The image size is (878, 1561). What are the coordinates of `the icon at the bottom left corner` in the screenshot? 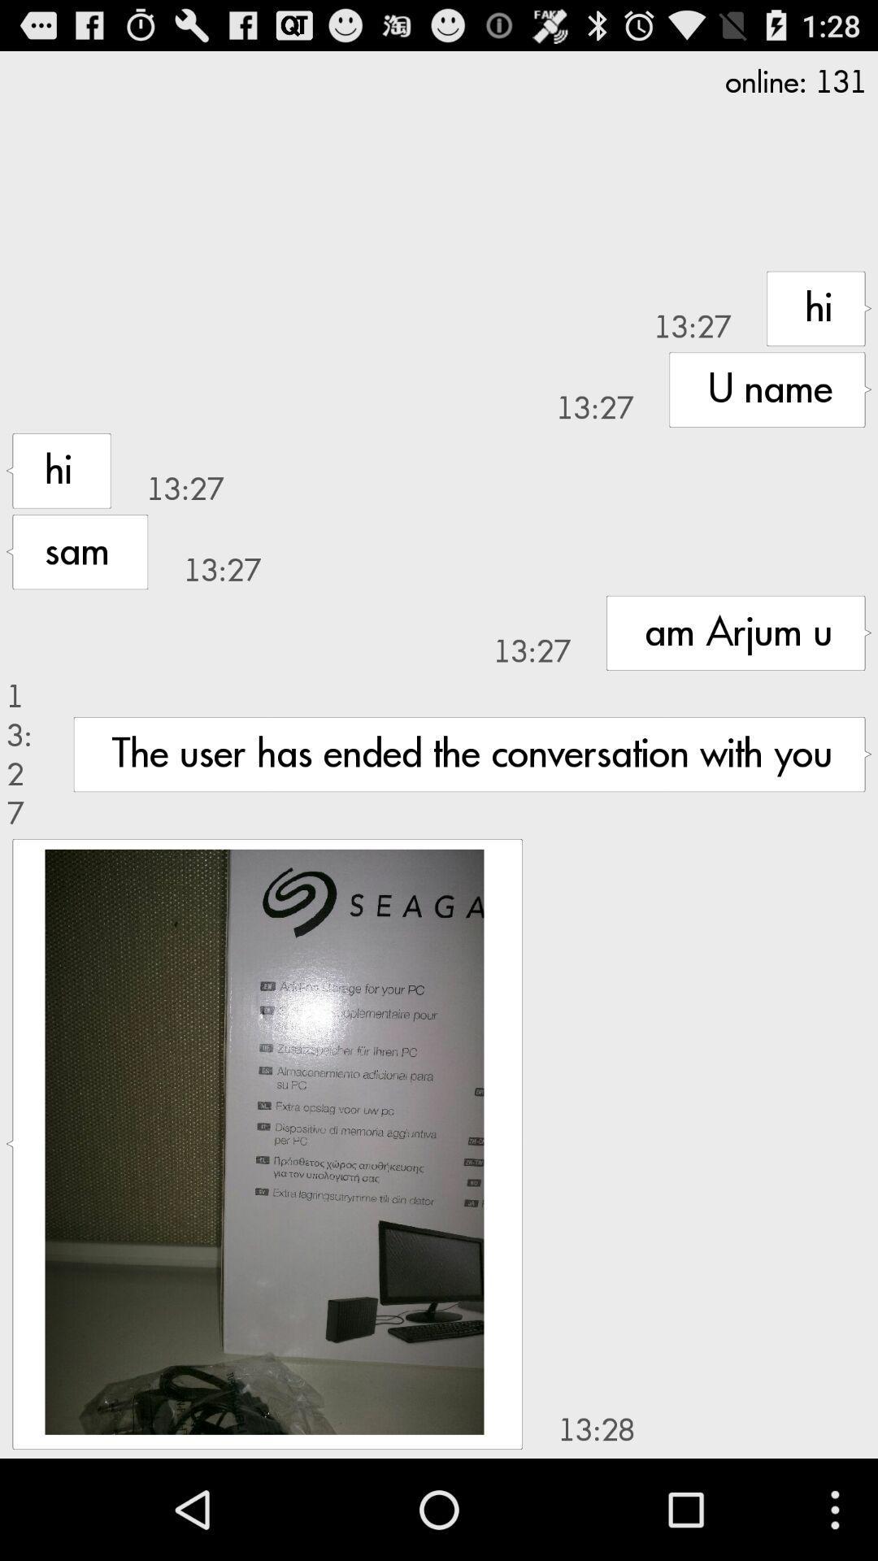 It's located at (263, 1141).